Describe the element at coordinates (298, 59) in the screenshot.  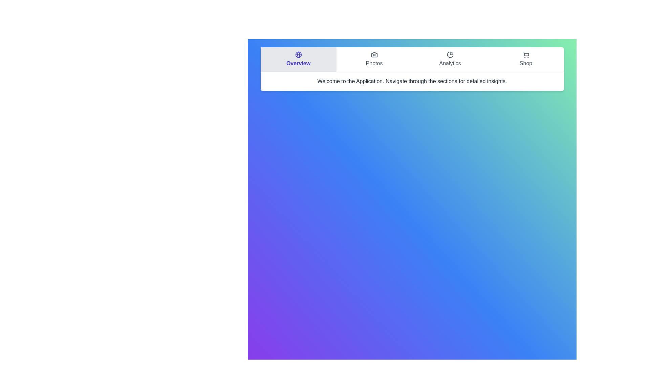
I see `the navigation button that redirects to the overview section of the application` at that location.